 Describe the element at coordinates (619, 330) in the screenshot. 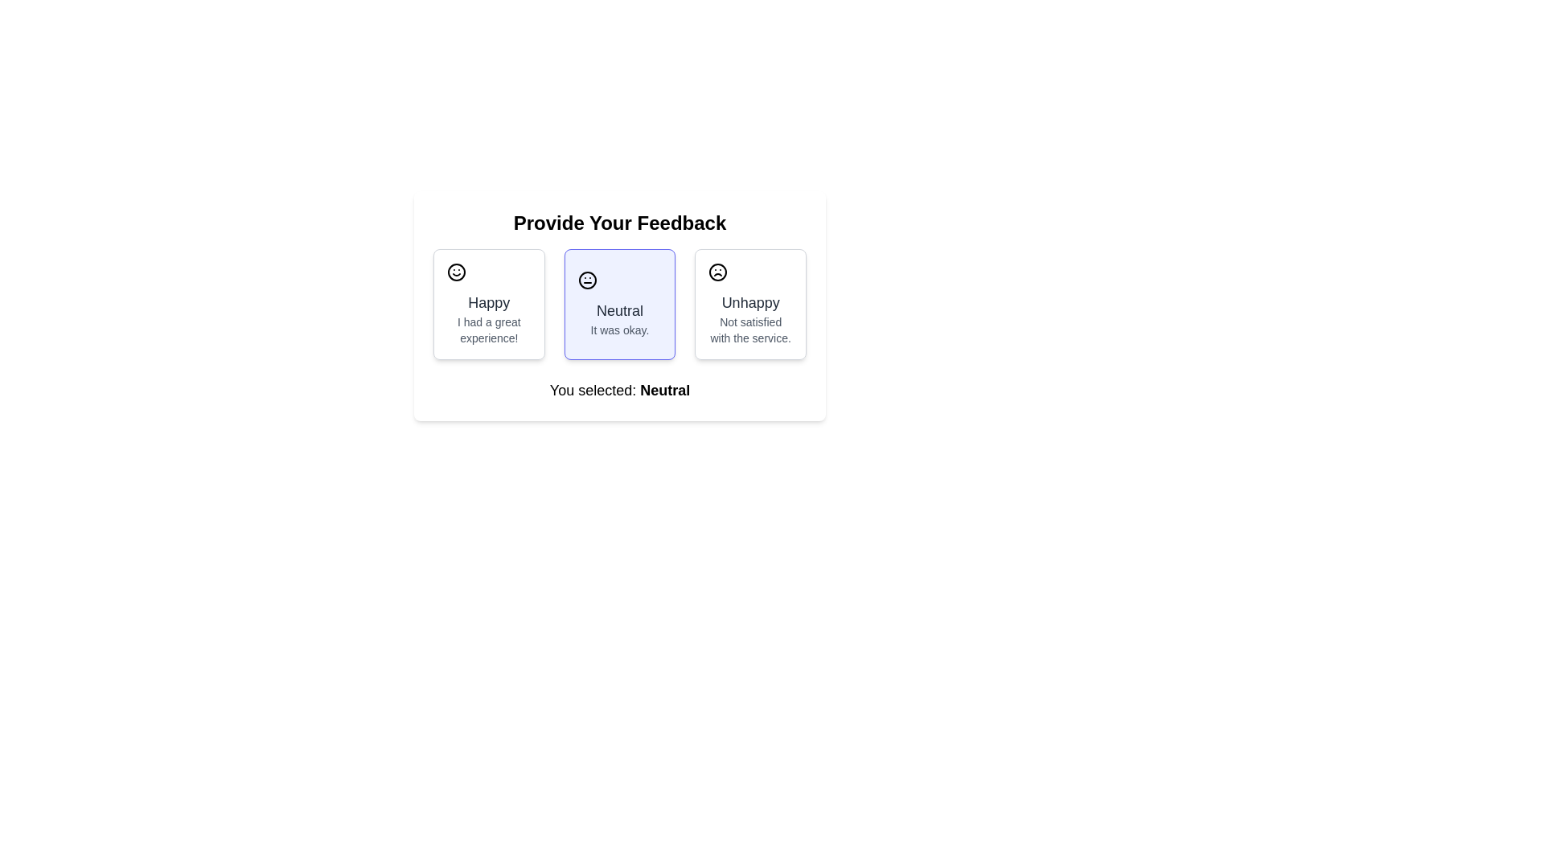

I see `static text label that says 'It was okay.', which is styled in small gray text and located beneath the larger 'Neutral' label and icon` at that location.